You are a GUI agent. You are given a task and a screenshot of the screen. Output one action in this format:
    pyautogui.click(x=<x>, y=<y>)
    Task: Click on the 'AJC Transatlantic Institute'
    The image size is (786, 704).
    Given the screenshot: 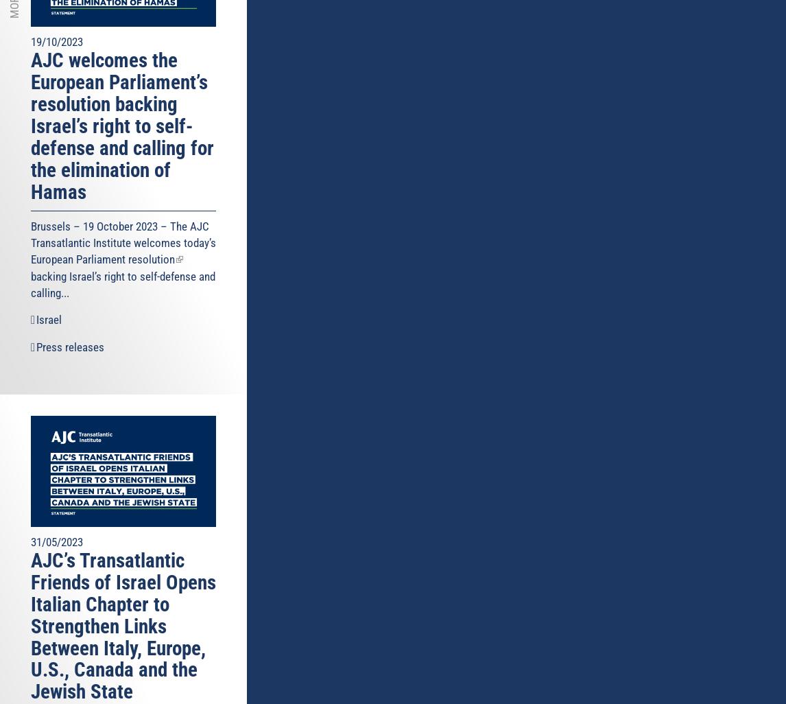 What is the action you would take?
    pyautogui.click(x=119, y=234)
    